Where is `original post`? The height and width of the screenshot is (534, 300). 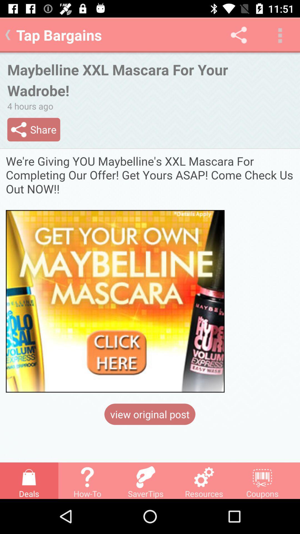
original post is located at coordinates (150, 273).